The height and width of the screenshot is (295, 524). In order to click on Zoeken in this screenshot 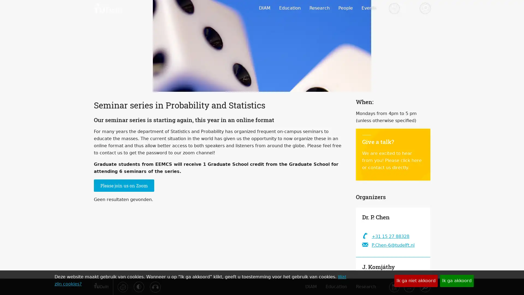, I will do `click(424, 8)`.